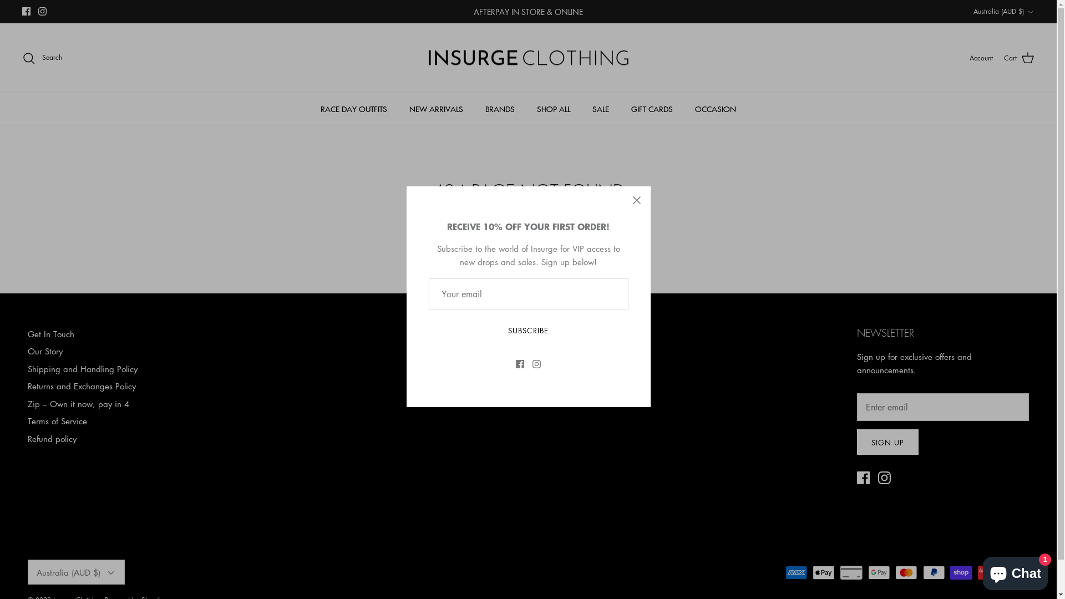  Describe the element at coordinates (75, 572) in the screenshot. I see `'Australia (AUD $)` at that location.